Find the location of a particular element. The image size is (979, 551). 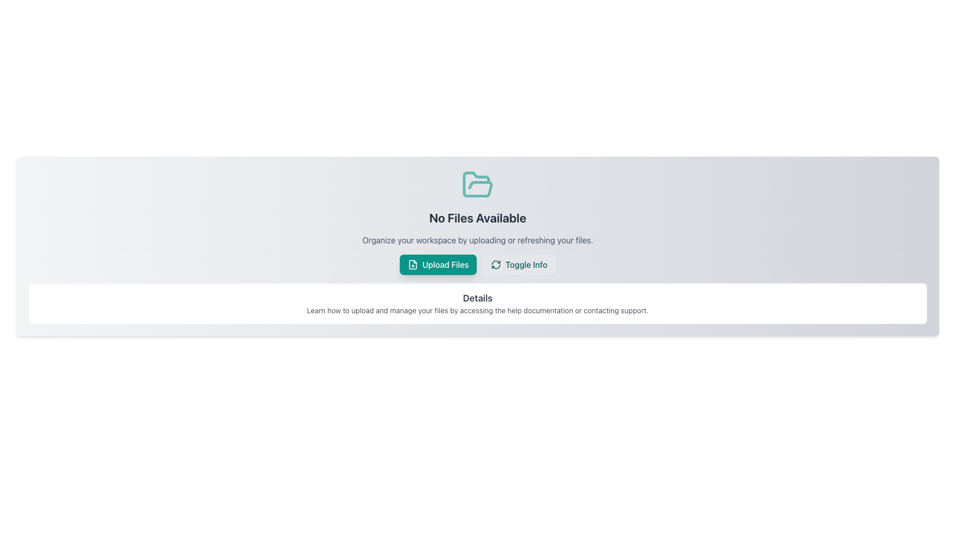

the Text Label within the button that initiates the file upload process, located to the left of the 'Toggle Info' button, below the 'No Files Available' heading is located at coordinates (445, 264).